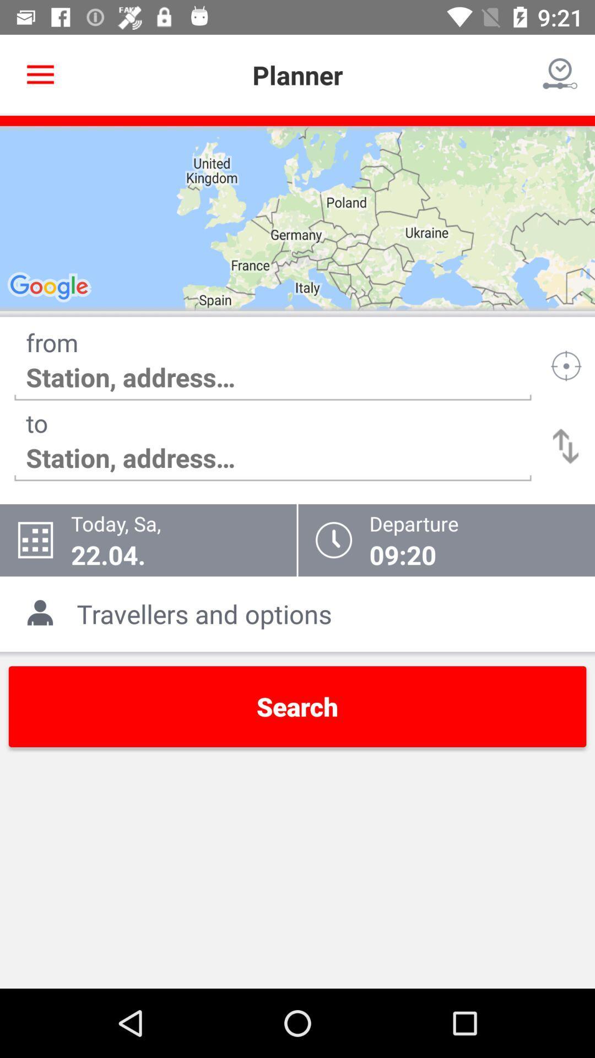 The width and height of the screenshot is (595, 1058). I want to click on the icon next to planner icon, so click(560, 74).